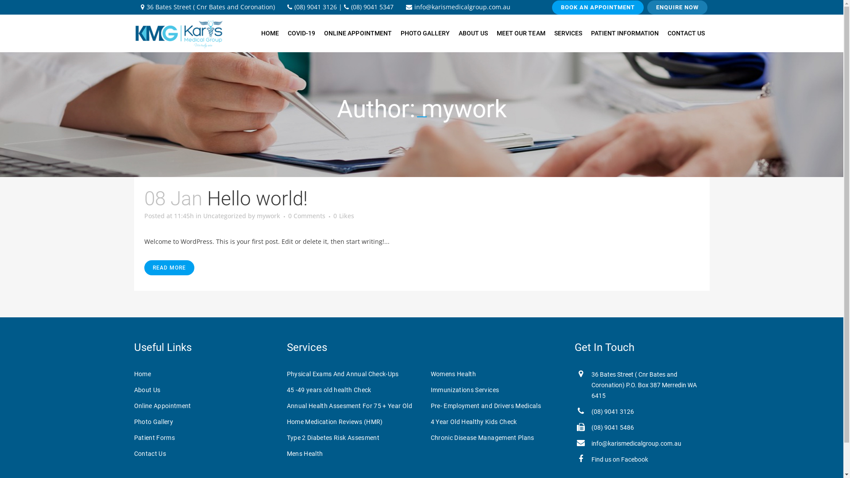 This screenshot has height=478, width=850. Describe the element at coordinates (257, 198) in the screenshot. I see `'Hello world!'` at that location.